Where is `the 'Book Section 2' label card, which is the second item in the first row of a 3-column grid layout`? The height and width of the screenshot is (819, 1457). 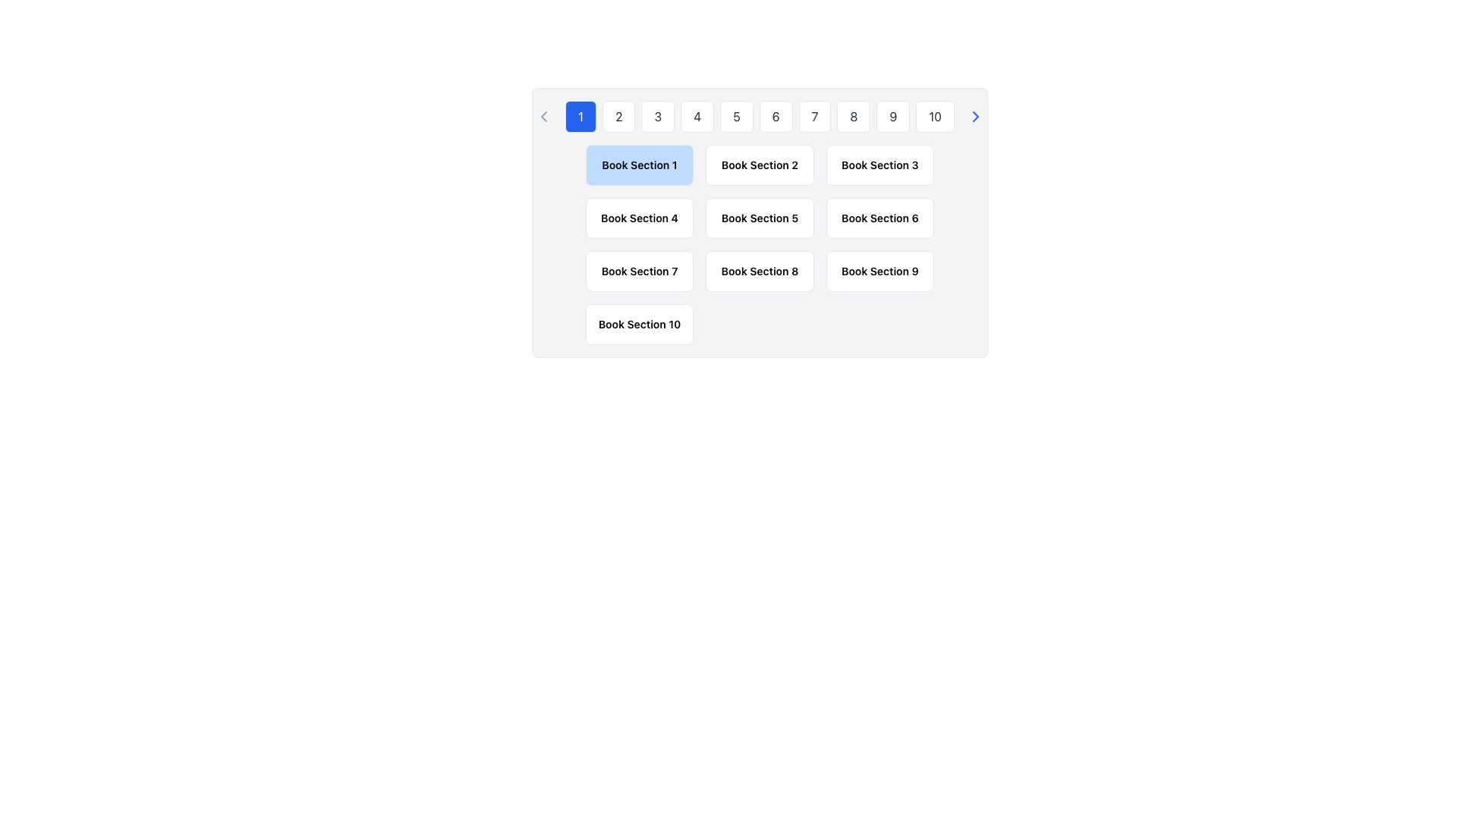 the 'Book Section 2' label card, which is the second item in the first row of a 3-column grid layout is located at coordinates (760, 165).